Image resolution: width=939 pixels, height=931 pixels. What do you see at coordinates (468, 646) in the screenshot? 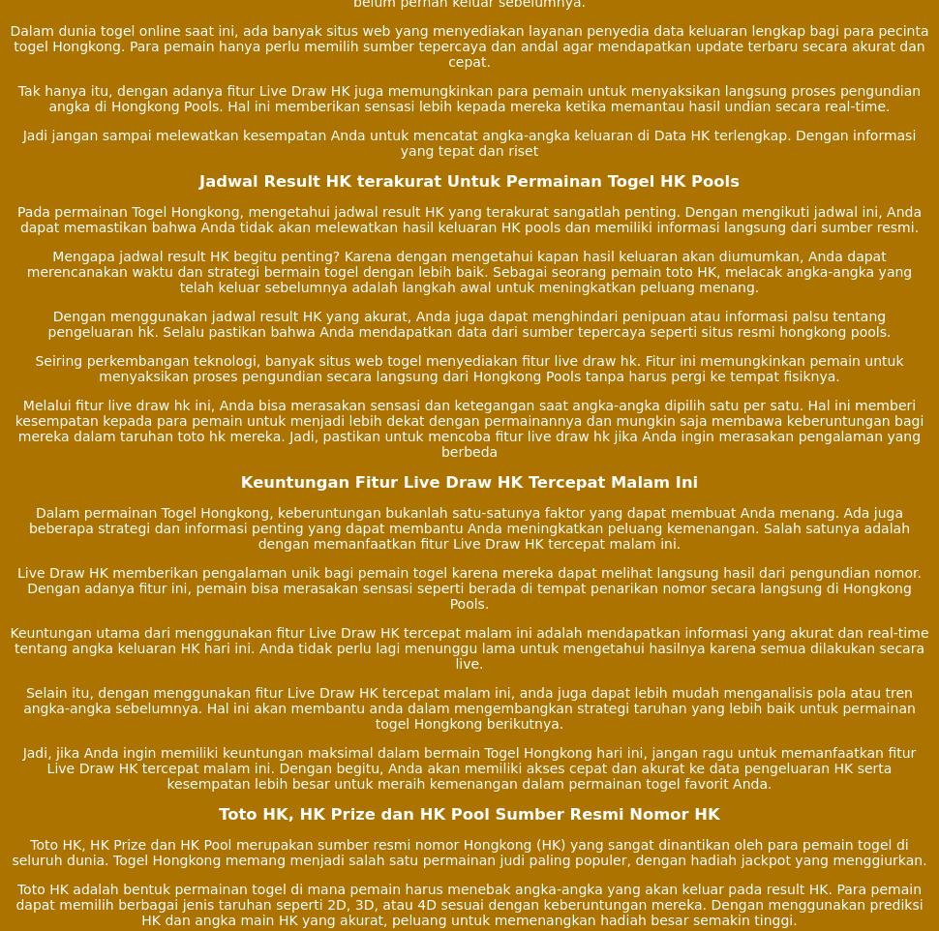
I see `'Keuntungan utama dari menggunakan fitur Live Draw HK tercepat malam ini adalah mendapatkan informasi yang akurat dan real-time tentang angka keluaran HK hari ini. Anda tidak perlu lagi menunggu lama untuk mengetahui hasilnya karena semua dilakukan secara live.'` at bounding box center [468, 646].